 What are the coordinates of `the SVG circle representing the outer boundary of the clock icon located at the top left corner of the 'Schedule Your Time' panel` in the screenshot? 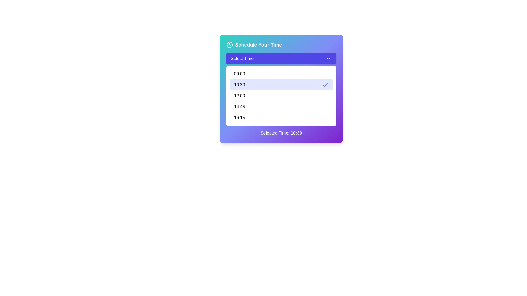 It's located at (229, 45).